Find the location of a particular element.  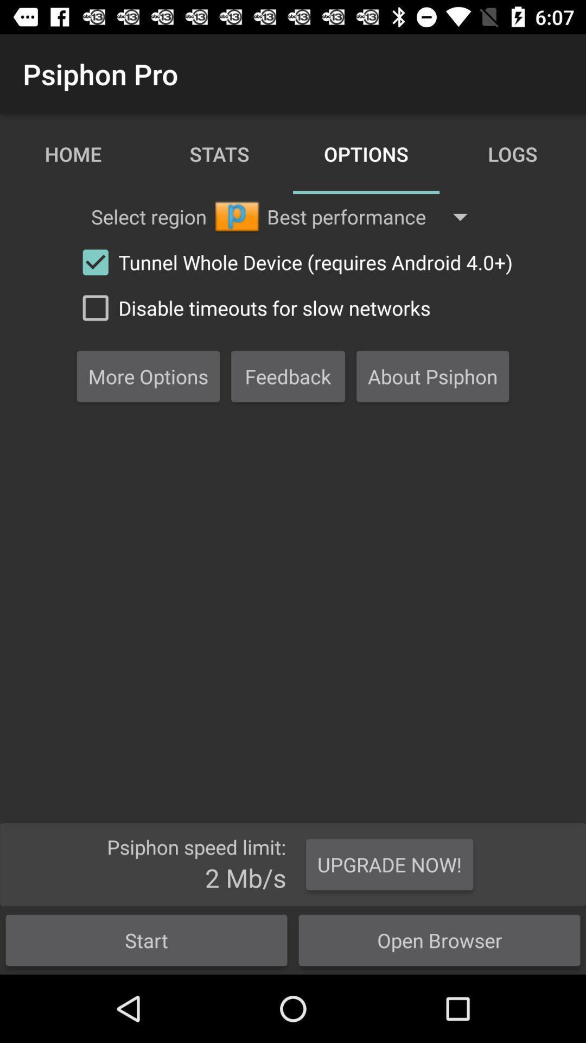

the text options is located at coordinates (366, 153).